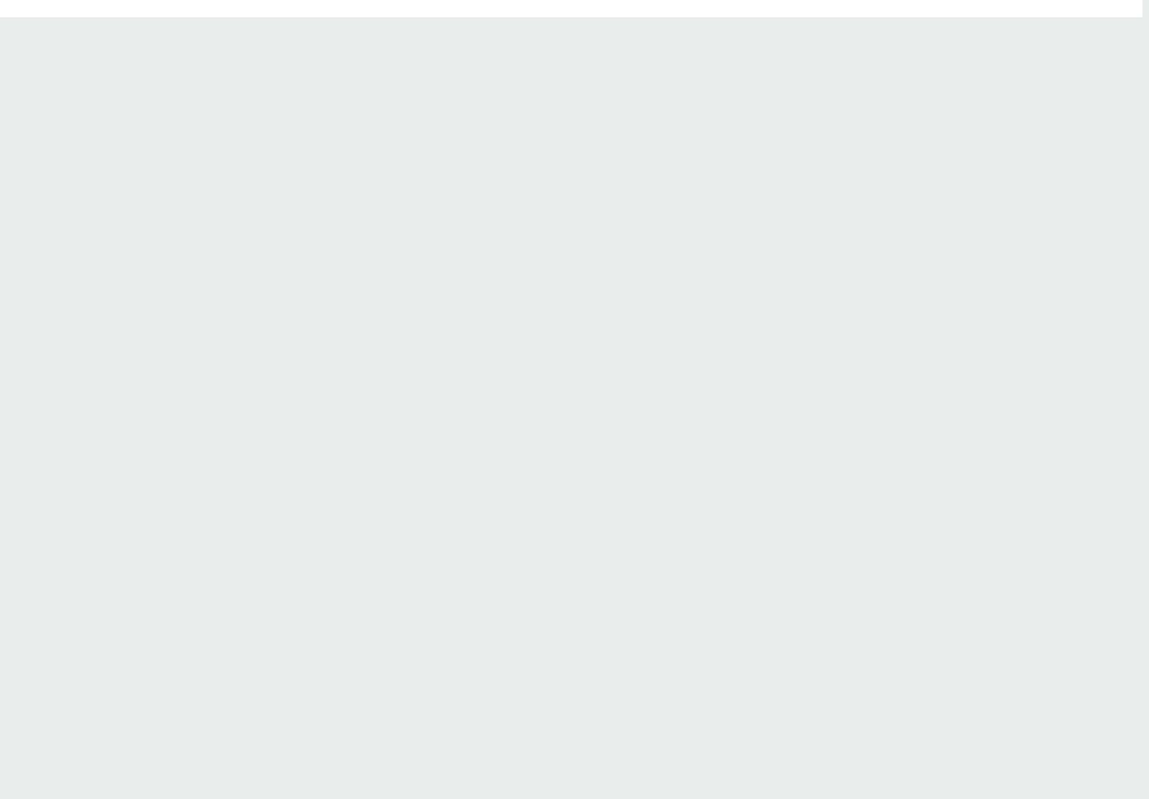 The image size is (1149, 799). Describe the element at coordinates (150, 295) in the screenshot. I see `'Cate Ellink'` at that location.